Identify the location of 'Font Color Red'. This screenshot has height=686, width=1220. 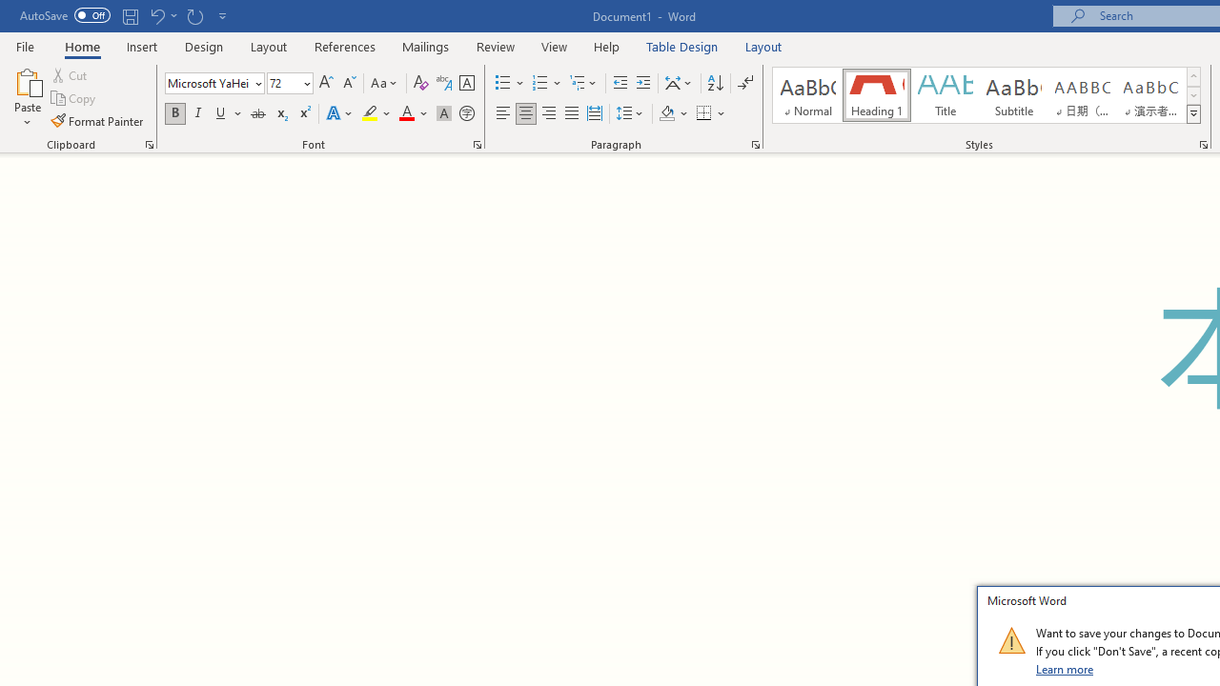
(405, 113).